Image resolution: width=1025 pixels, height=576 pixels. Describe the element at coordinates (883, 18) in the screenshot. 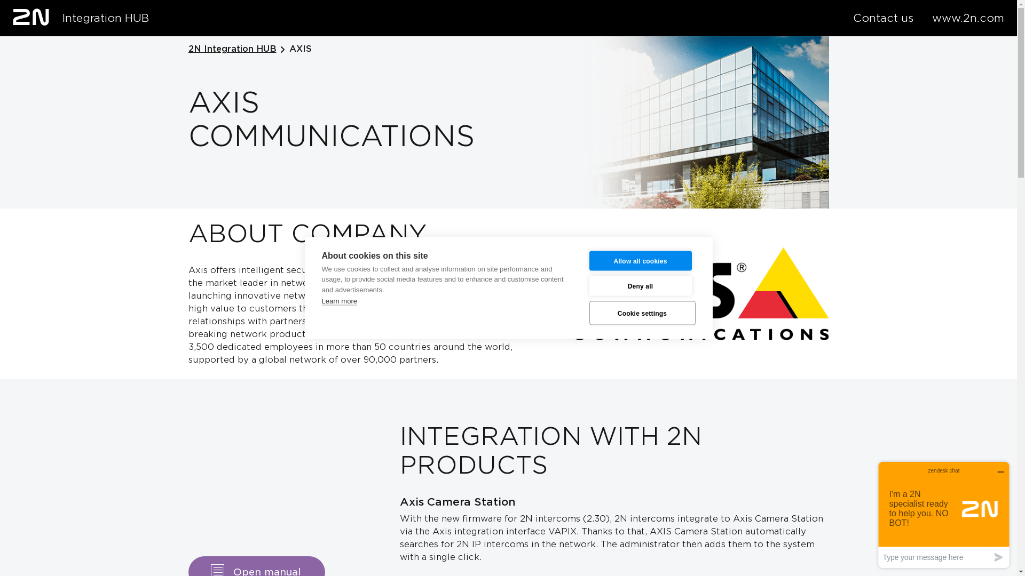

I see `'Contact us'` at that location.